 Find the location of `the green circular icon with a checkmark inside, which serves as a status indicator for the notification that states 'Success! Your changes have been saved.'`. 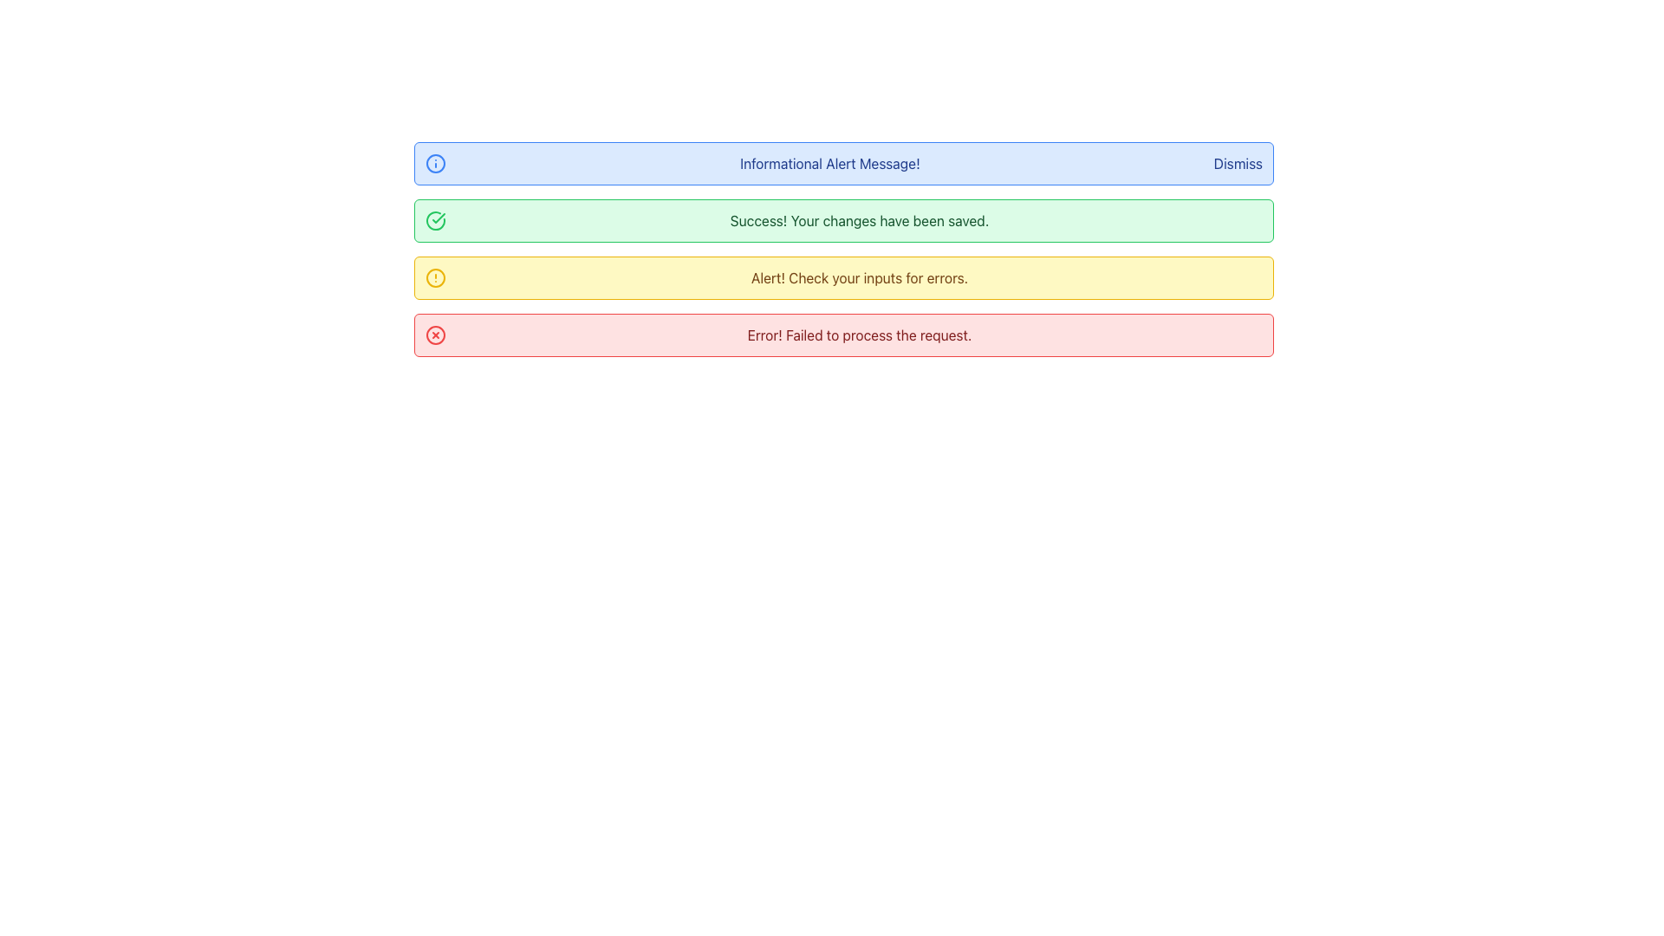

the green circular icon with a checkmark inside, which serves as a status indicator for the notification that states 'Success! Your changes have been saved.' is located at coordinates (436, 219).